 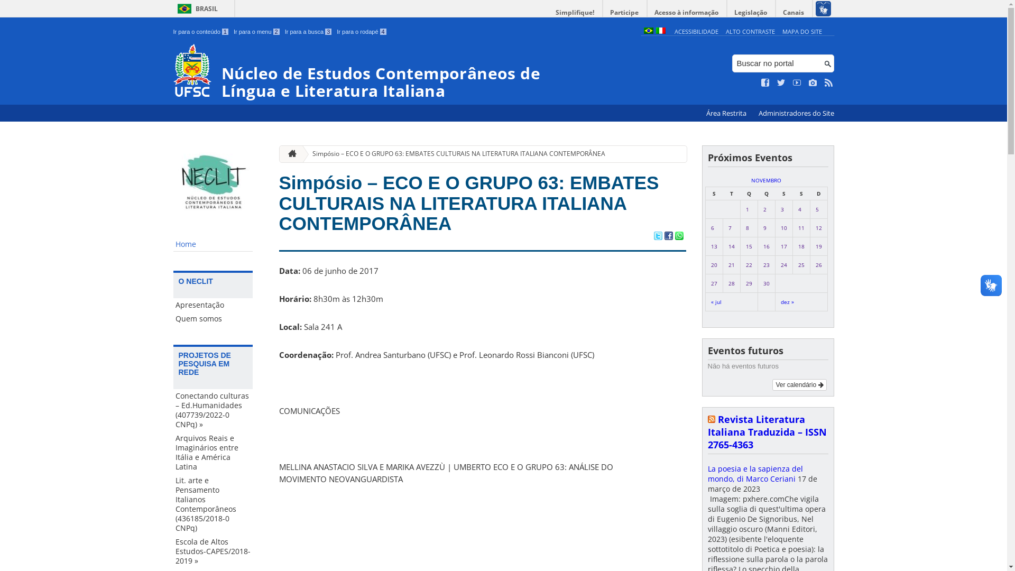 I want to click on '29', so click(x=748, y=283).